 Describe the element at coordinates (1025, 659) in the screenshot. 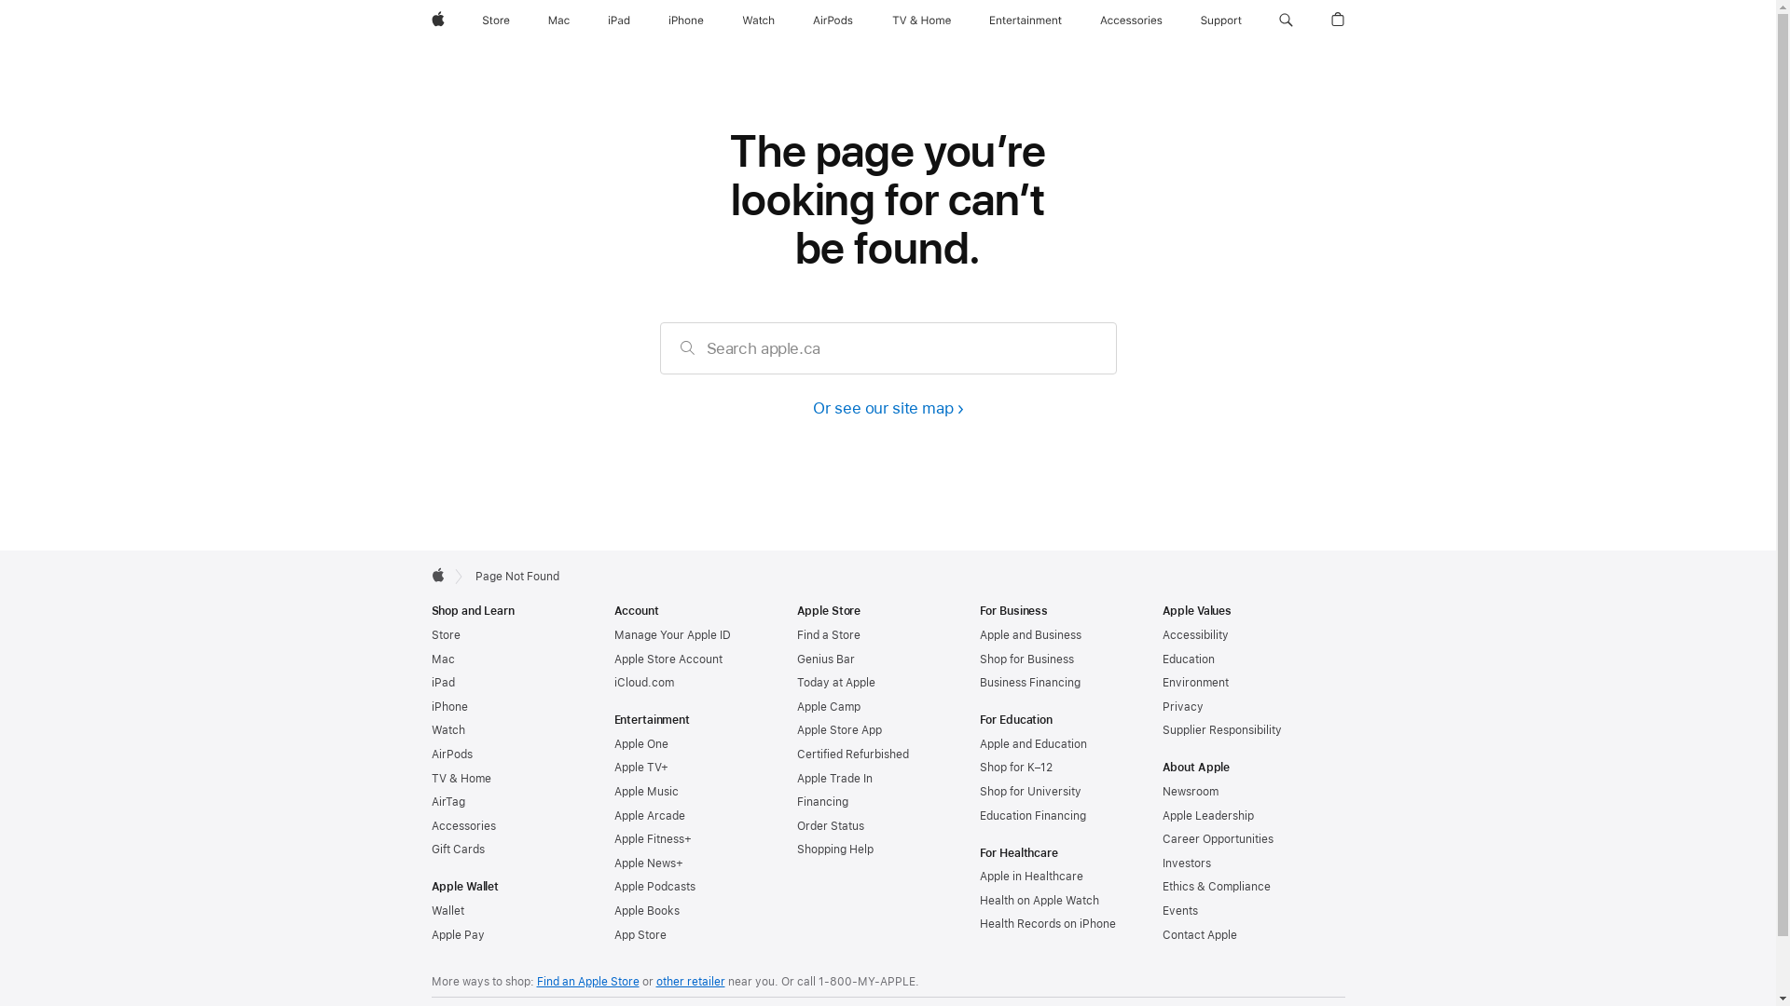

I see `'Shop for Business'` at that location.